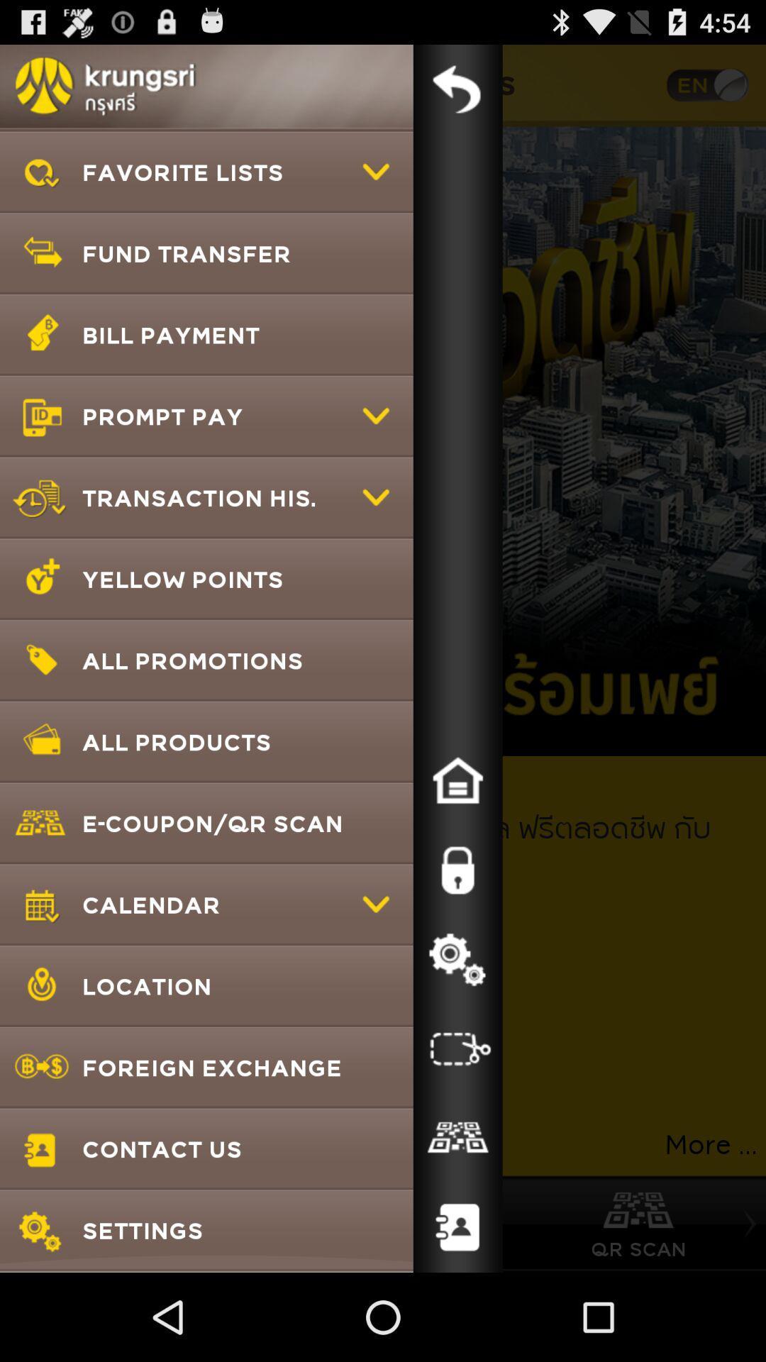 Image resolution: width=766 pixels, height=1362 pixels. Describe the element at coordinates (457, 1048) in the screenshot. I see `item next to the location icon` at that location.